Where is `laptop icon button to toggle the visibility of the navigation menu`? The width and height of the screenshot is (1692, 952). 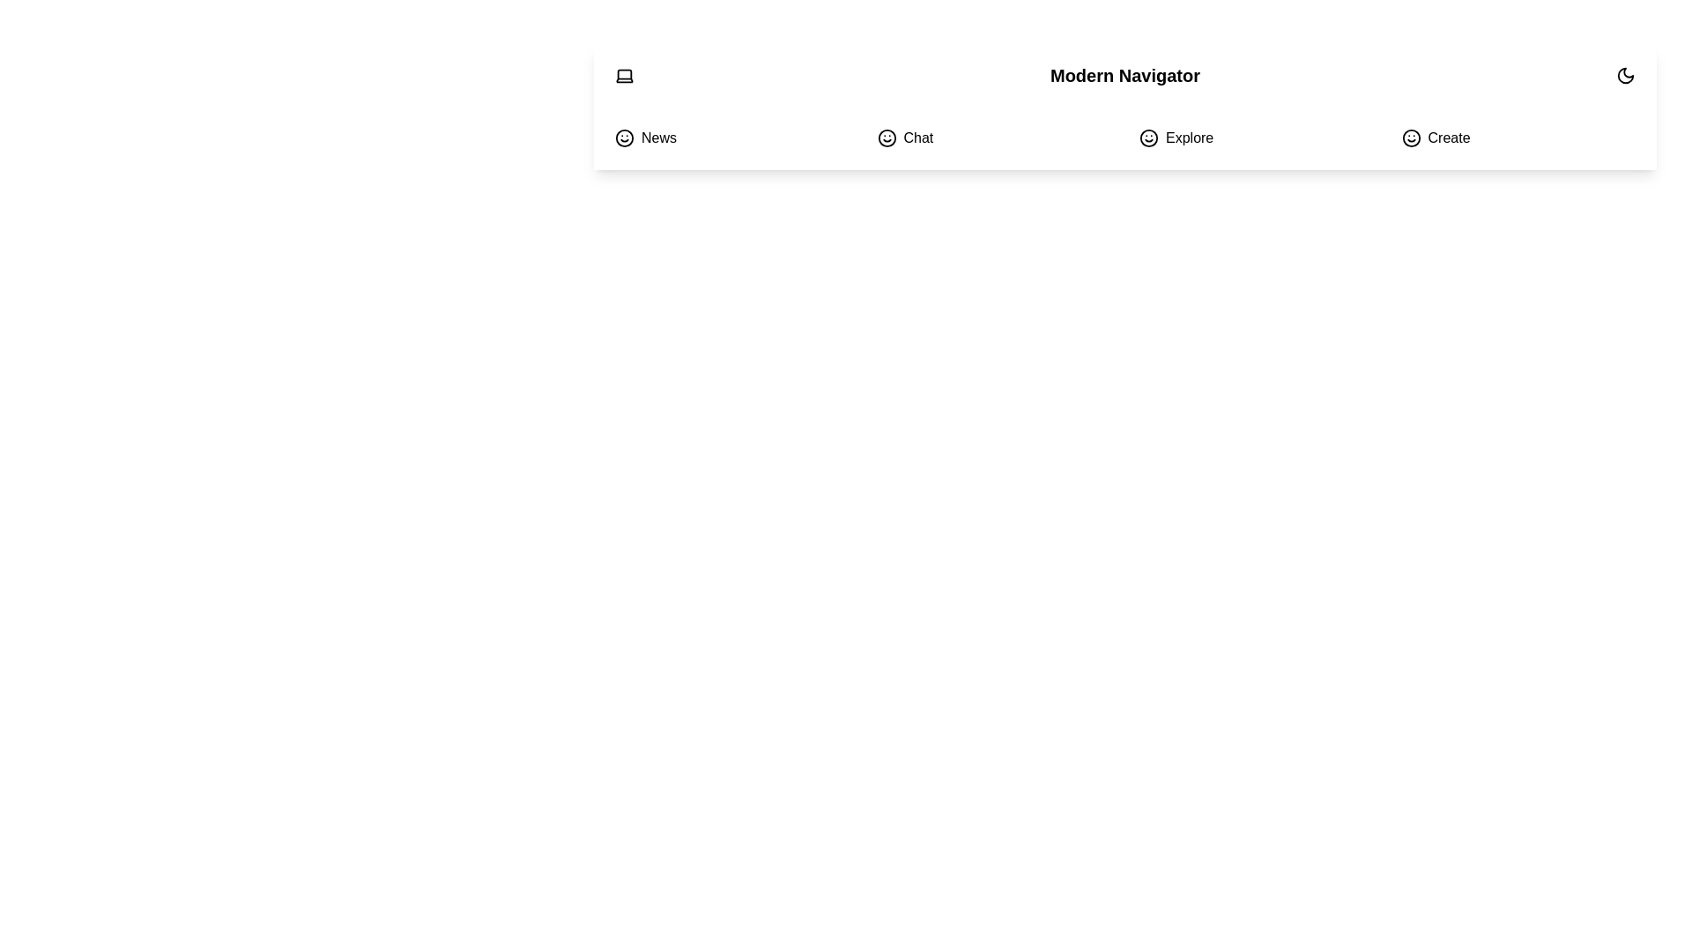 laptop icon button to toggle the visibility of the navigation menu is located at coordinates (625, 74).